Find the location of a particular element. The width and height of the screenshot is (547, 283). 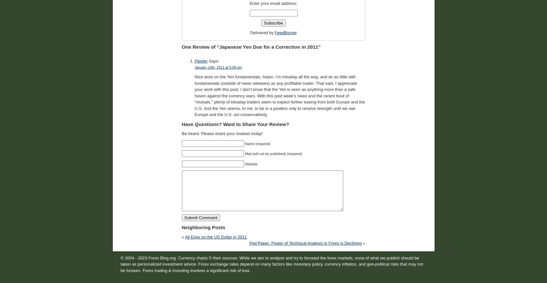

'Pipster' is located at coordinates (201, 61).